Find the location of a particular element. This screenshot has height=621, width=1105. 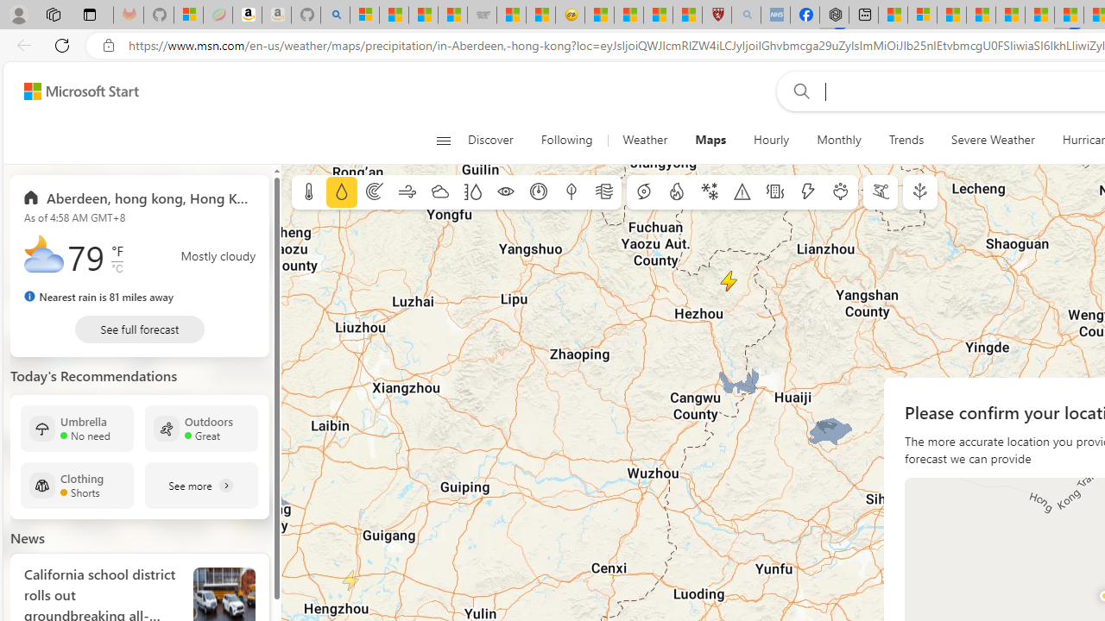

'Science - MSN' is located at coordinates (657, 15).